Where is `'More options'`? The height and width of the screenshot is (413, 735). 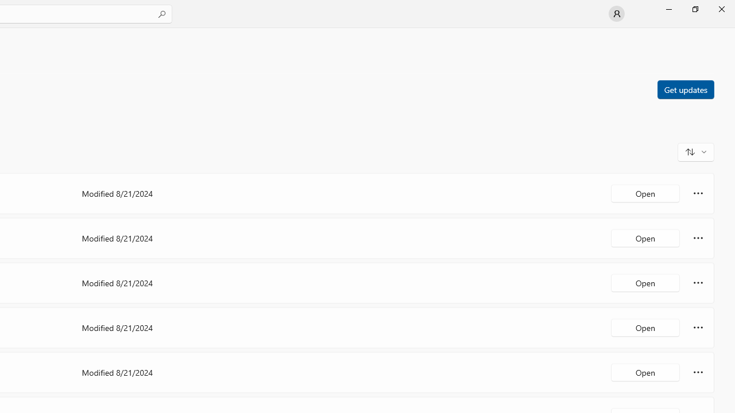
'More options' is located at coordinates (698, 372).